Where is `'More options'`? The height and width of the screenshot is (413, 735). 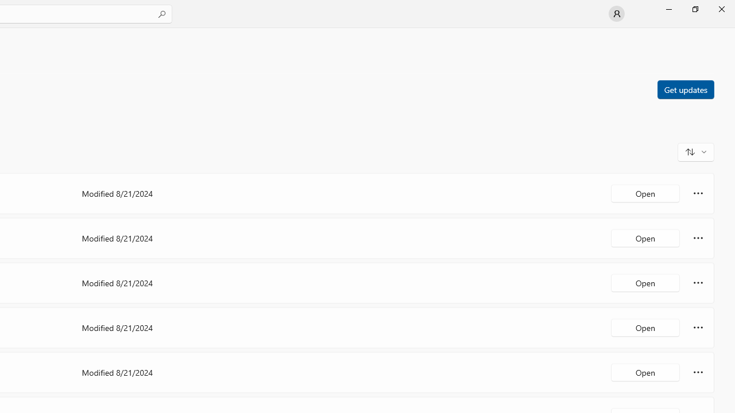
'More options' is located at coordinates (698, 372).